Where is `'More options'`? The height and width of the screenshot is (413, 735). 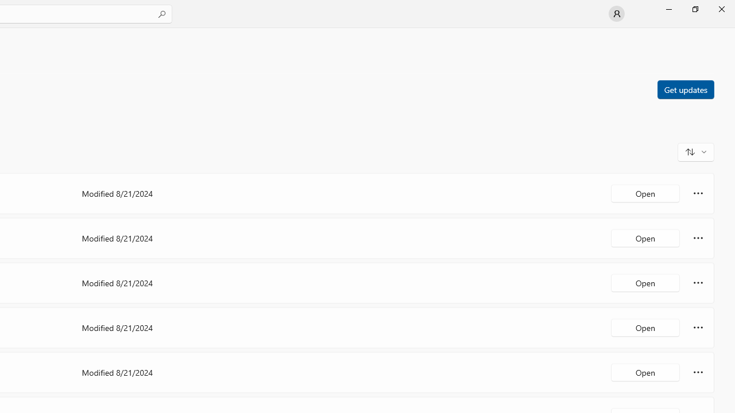
'More options' is located at coordinates (698, 372).